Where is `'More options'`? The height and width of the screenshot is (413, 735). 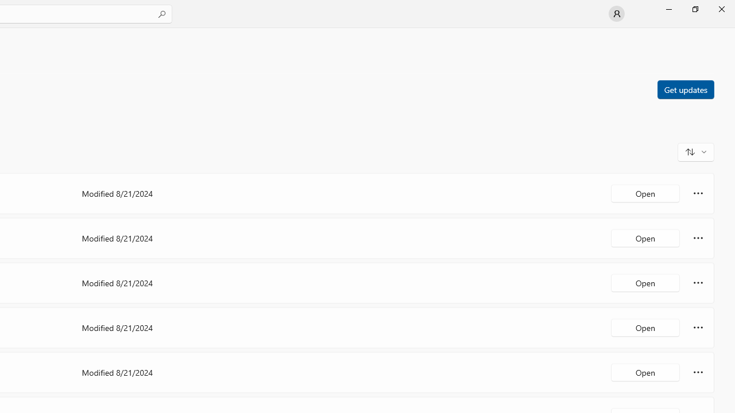
'More options' is located at coordinates (698, 372).